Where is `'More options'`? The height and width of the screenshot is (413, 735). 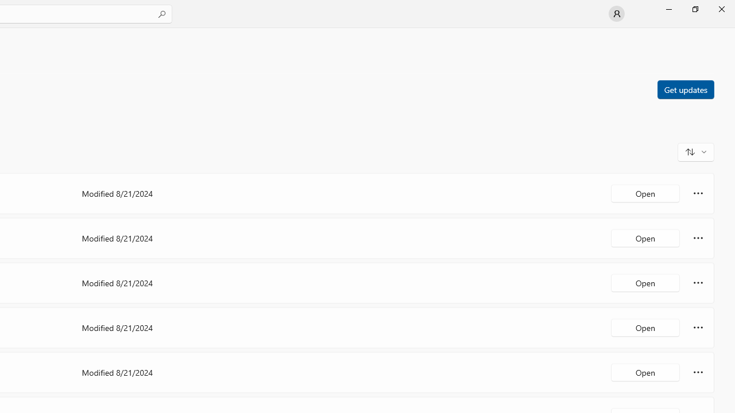
'More options' is located at coordinates (698, 372).